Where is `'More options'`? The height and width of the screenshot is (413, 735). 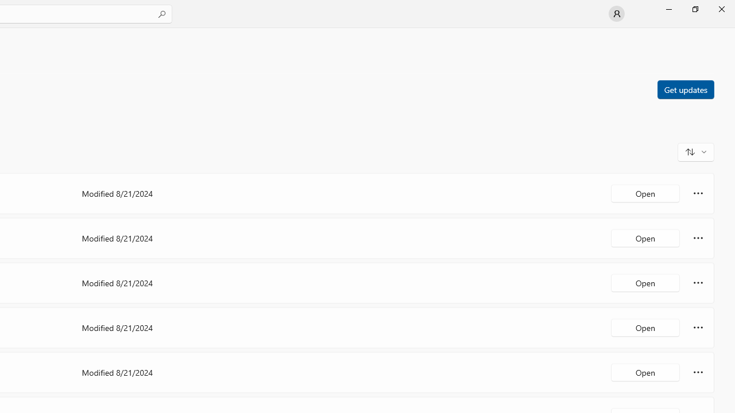
'More options' is located at coordinates (698, 372).